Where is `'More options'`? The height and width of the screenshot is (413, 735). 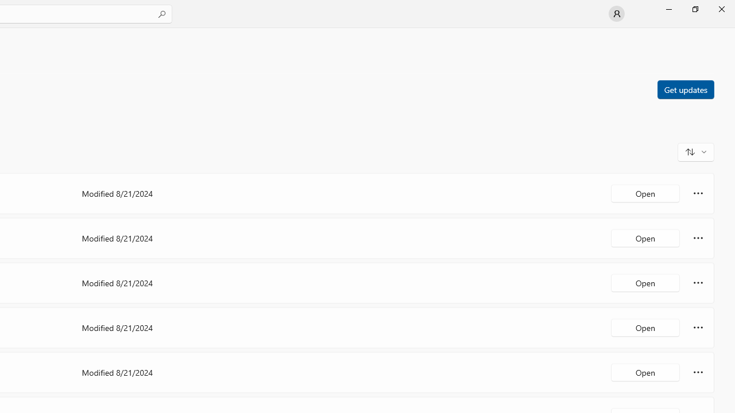
'More options' is located at coordinates (698, 372).